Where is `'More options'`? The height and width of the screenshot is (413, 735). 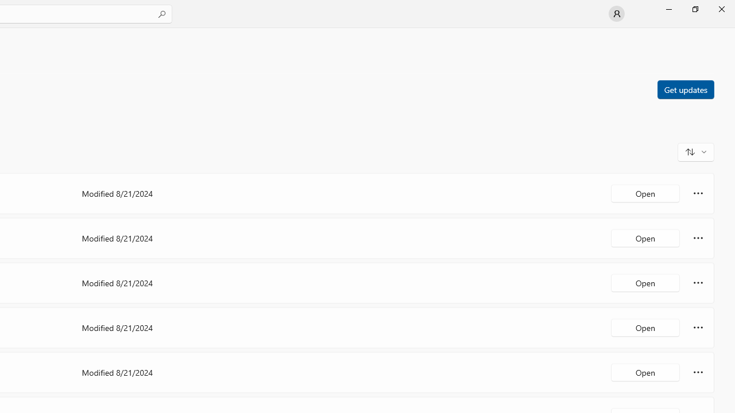
'More options' is located at coordinates (698, 372).